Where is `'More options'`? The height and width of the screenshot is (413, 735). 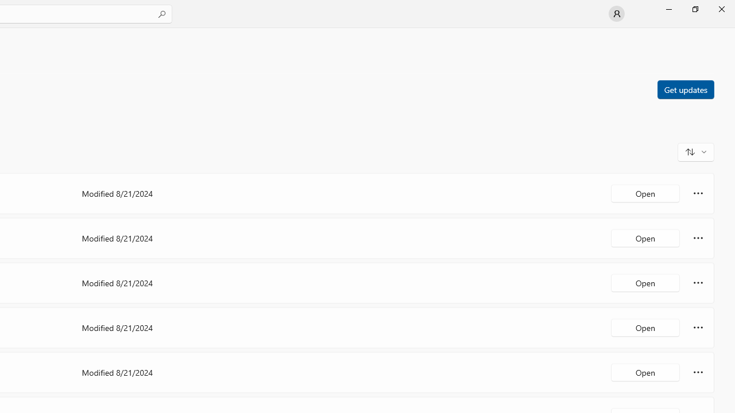
'More options' is located at coordinates (698, 372).